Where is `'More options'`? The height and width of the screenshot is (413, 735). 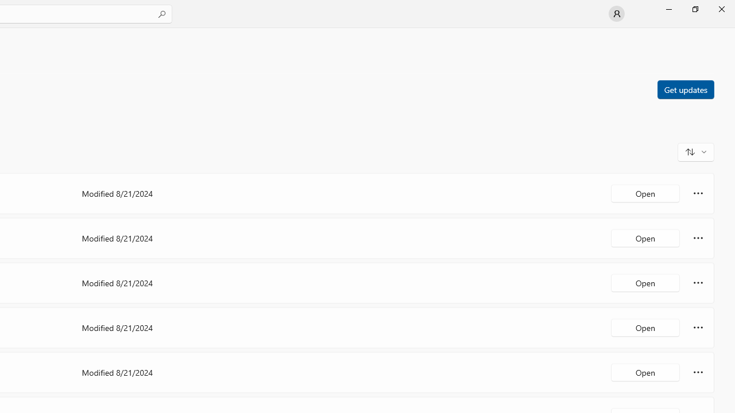
'More options' is located at coordinates (698, 372).